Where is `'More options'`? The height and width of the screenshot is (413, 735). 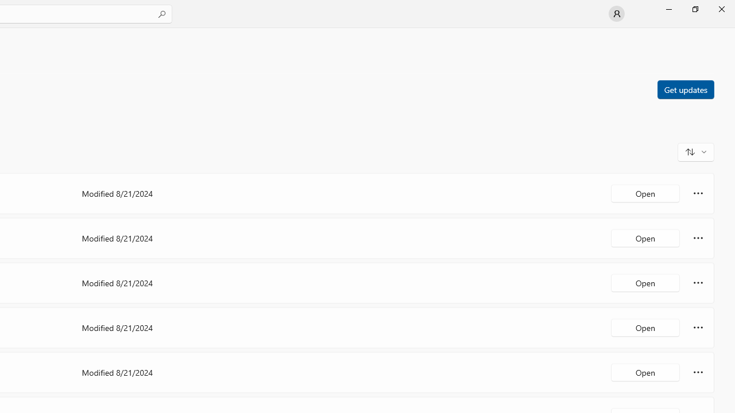
'More options' is located at coordinates (698, 372).